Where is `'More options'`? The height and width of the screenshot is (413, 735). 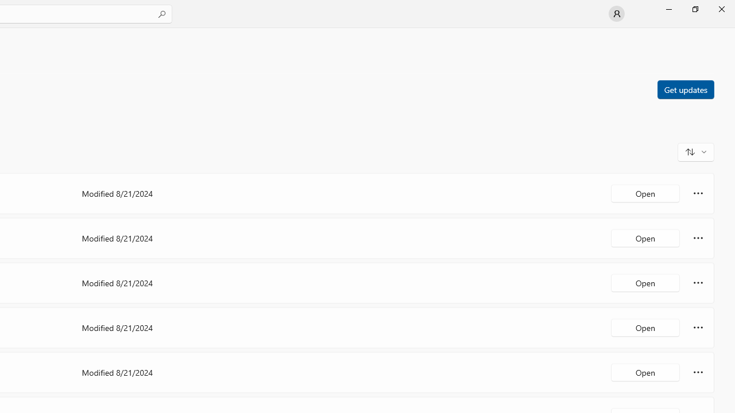
'More options' is located at coordinates (698, 372).